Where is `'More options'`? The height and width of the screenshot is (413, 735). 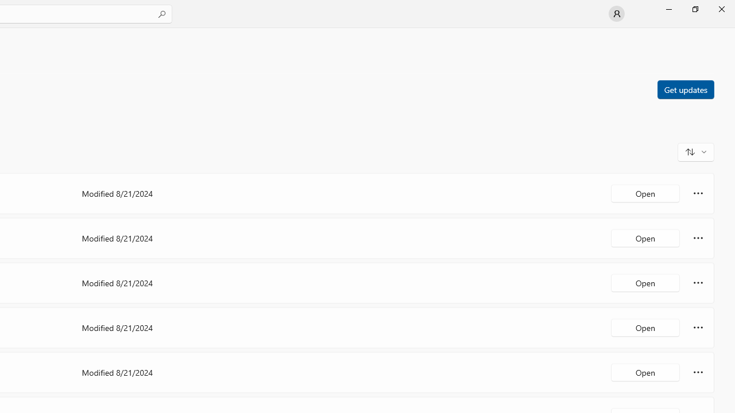
'More options' is located at coordinates (698, 372).